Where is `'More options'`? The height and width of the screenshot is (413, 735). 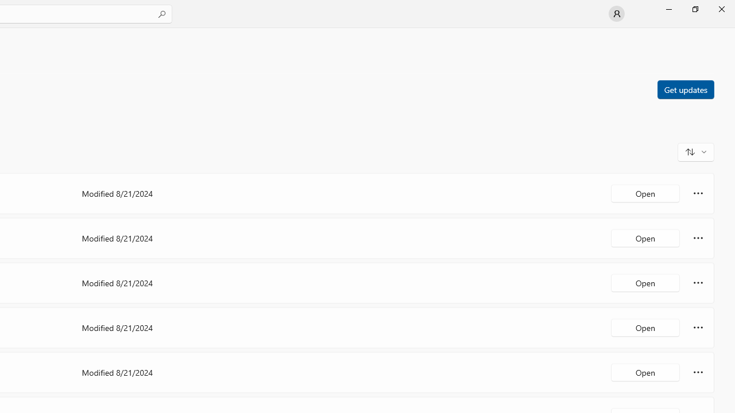
'More options' is located at coordinates (698, 372).